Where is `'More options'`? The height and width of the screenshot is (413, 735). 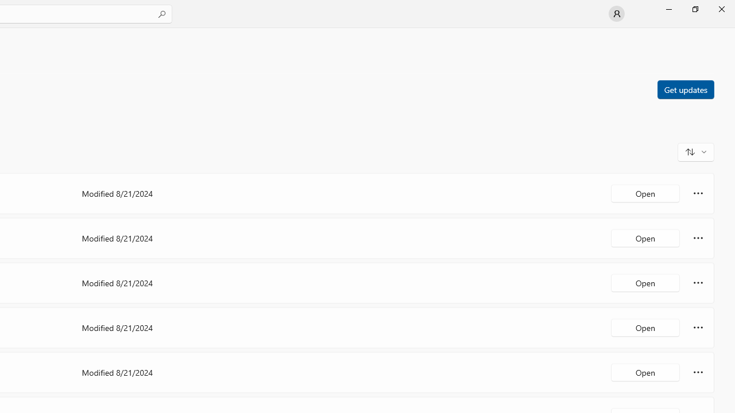
'More options' is located at coordinates (698, 372).